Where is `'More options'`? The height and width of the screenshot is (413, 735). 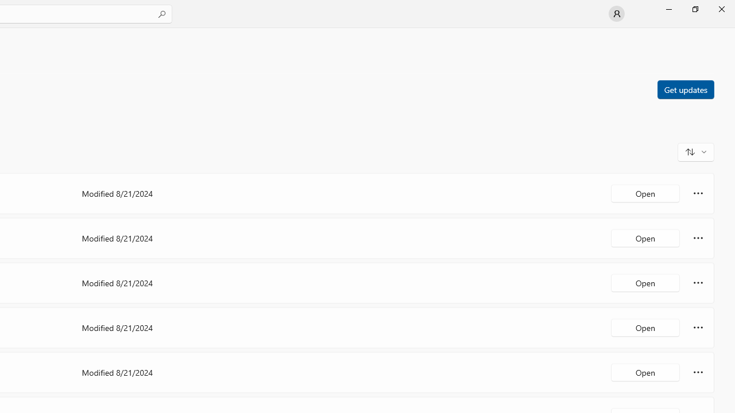
'More options' is located at coordinates (698, 372).